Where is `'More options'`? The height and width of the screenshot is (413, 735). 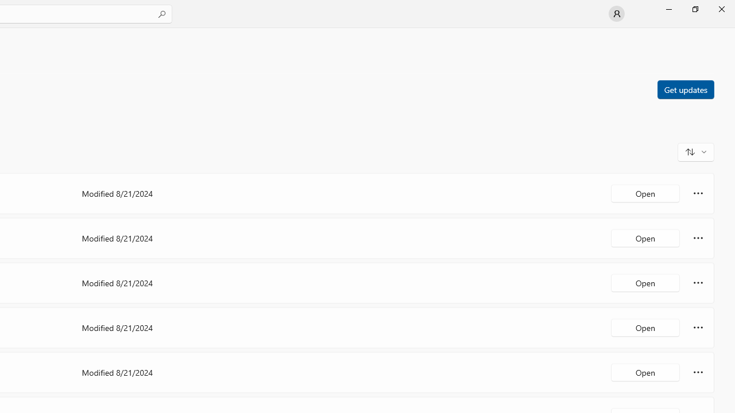
'More options' is located at coordinates (698, 372).